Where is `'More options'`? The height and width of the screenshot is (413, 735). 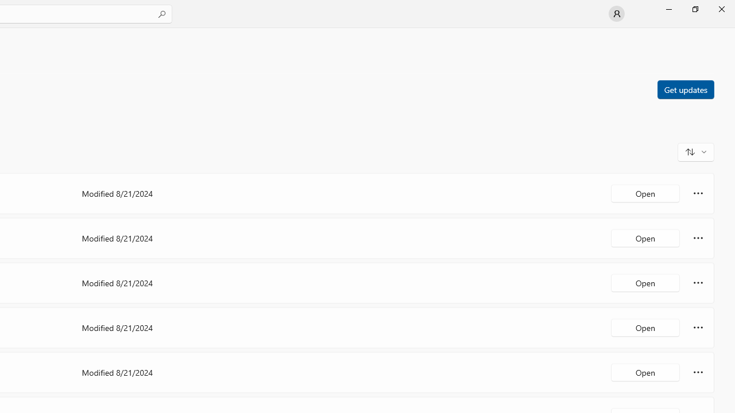
'More options' is located at coordinates (698, 372).